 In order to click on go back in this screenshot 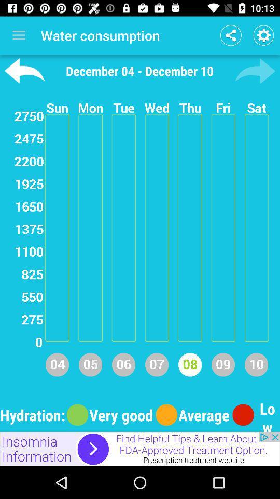, I will do `click(24, 70)`.